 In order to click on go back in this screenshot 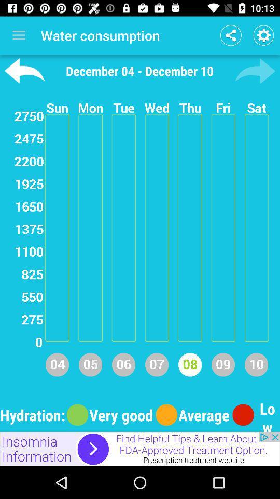, I will do `click(24, 70)`.